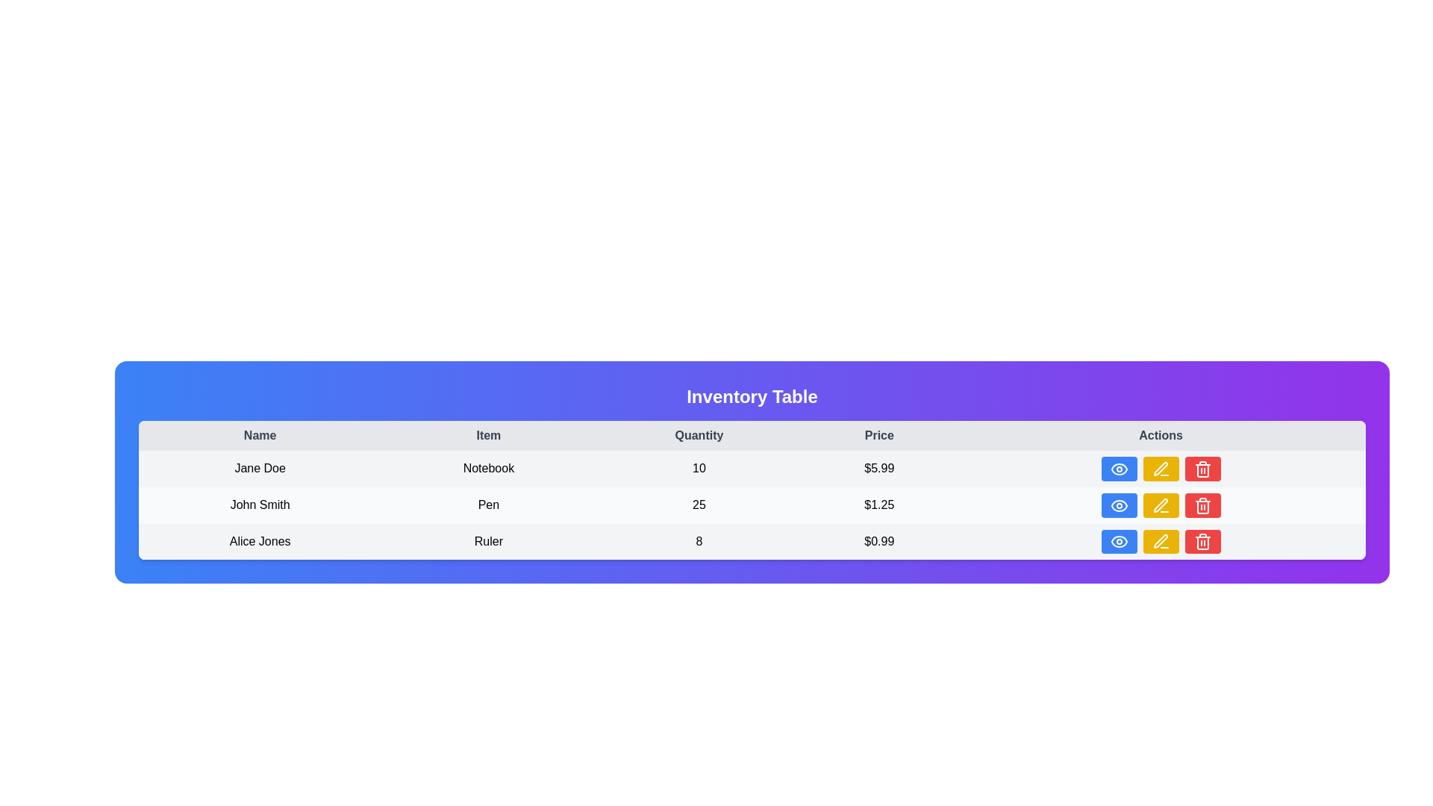 The width and height of the screenshot is (1433, 806). What do you see at coordinates (488, 504) in the screenshot?
I see `text label displaying 'Pen' in the inventory table, located in the second row under the 'Item' column` at bounding box center [488, 504].